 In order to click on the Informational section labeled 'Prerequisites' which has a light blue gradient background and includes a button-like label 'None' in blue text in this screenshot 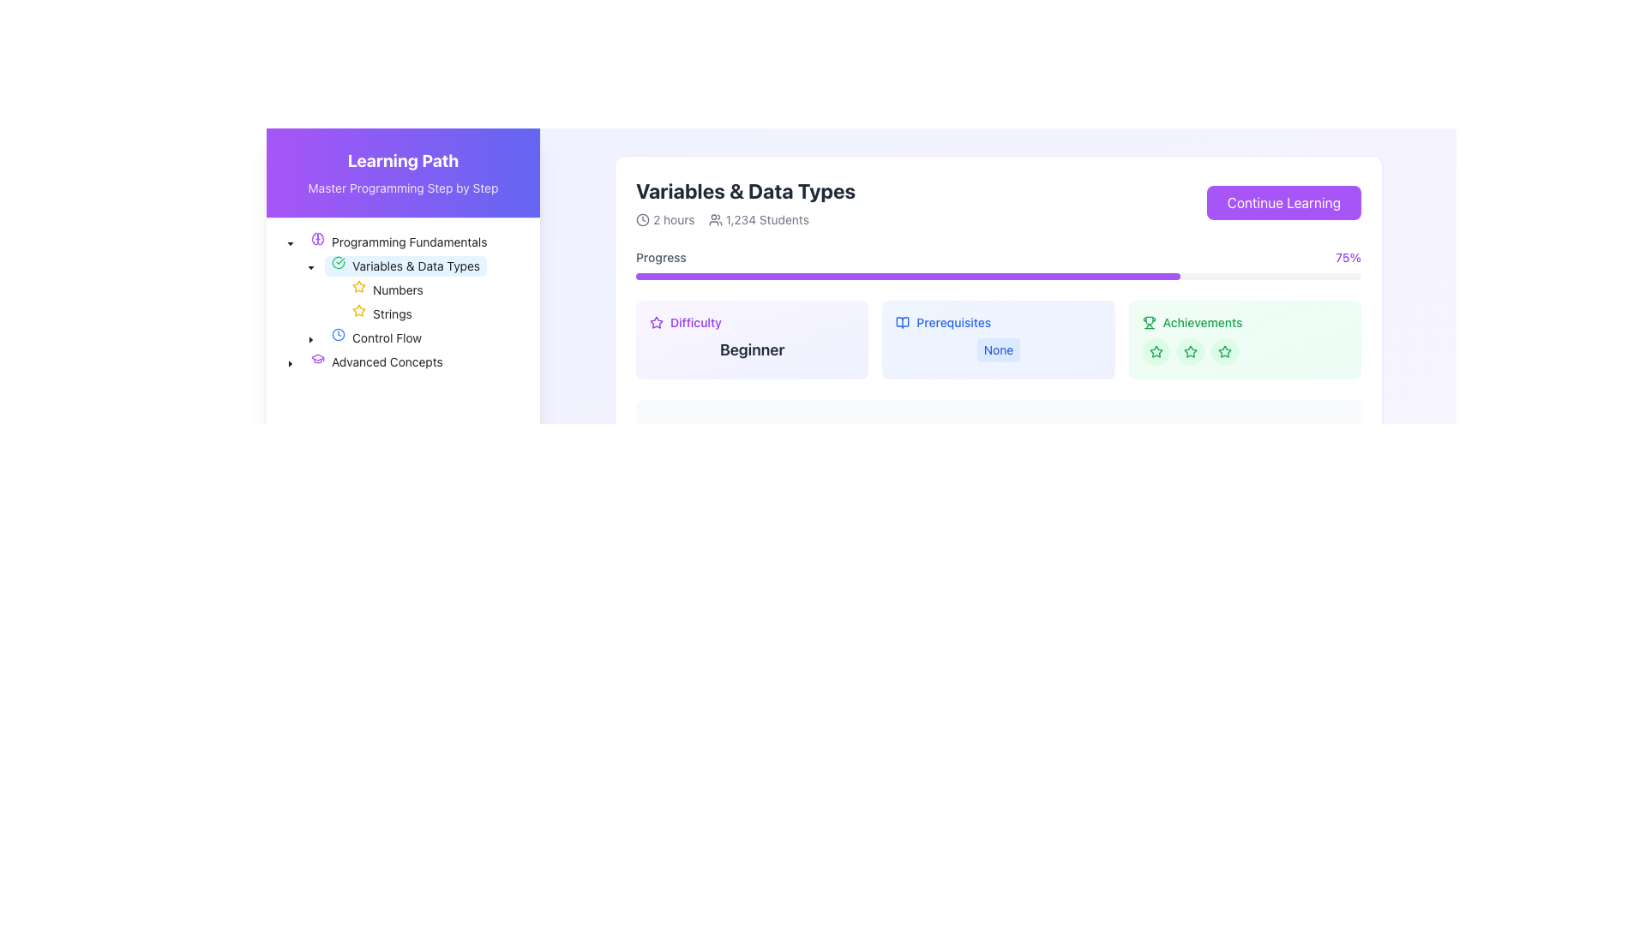, I will do `click(999, 340)`.